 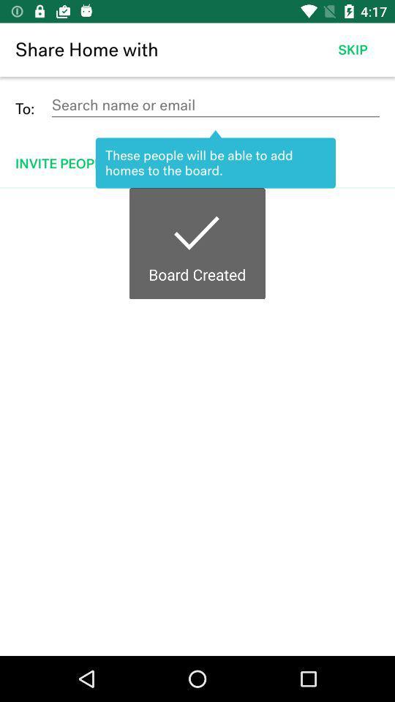 I want to click on type contact name or email, so click(x=214, y=105).